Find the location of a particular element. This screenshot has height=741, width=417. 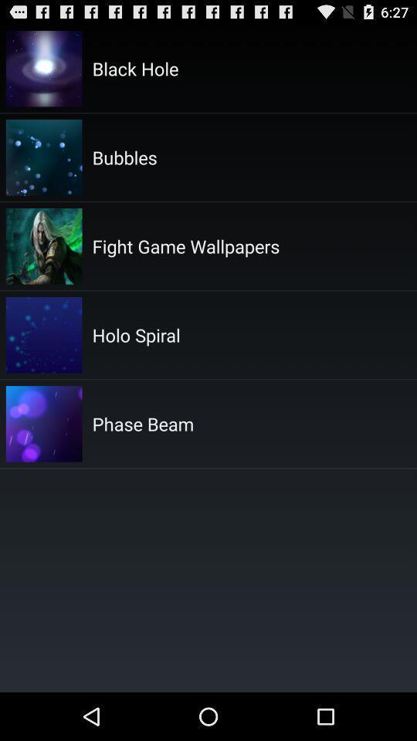

app above fight game wallpapers app is located at coordinates (124, 157).